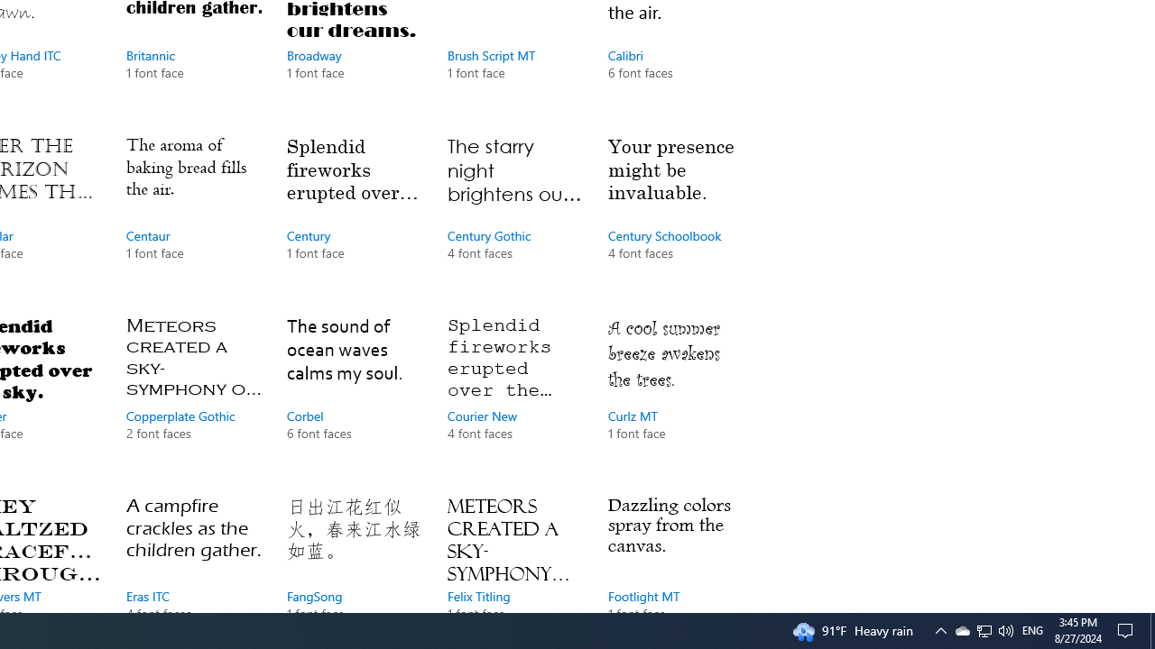  Describe the element at coordinates (513, 215) in the screenshot. I see `'Century Gothic, 4 font faces'` at that location.